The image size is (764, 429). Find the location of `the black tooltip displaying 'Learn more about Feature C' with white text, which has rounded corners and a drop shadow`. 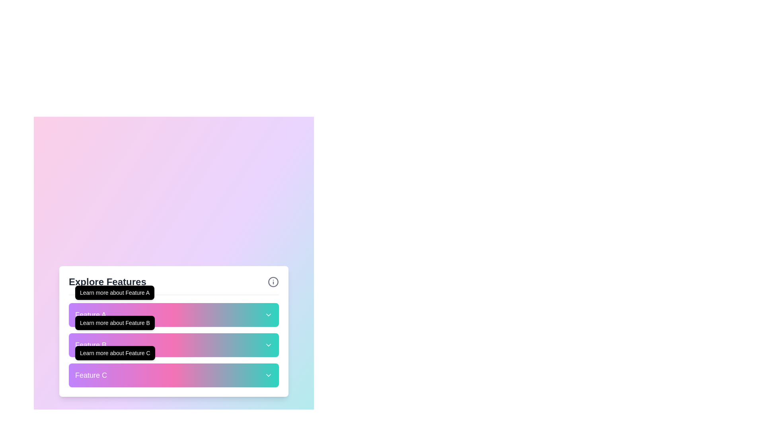

the black tooltip displaying 'Learn more about Feature C' with white text, which has rounded corners and a drop shadow is located at coordinates (115, 352).